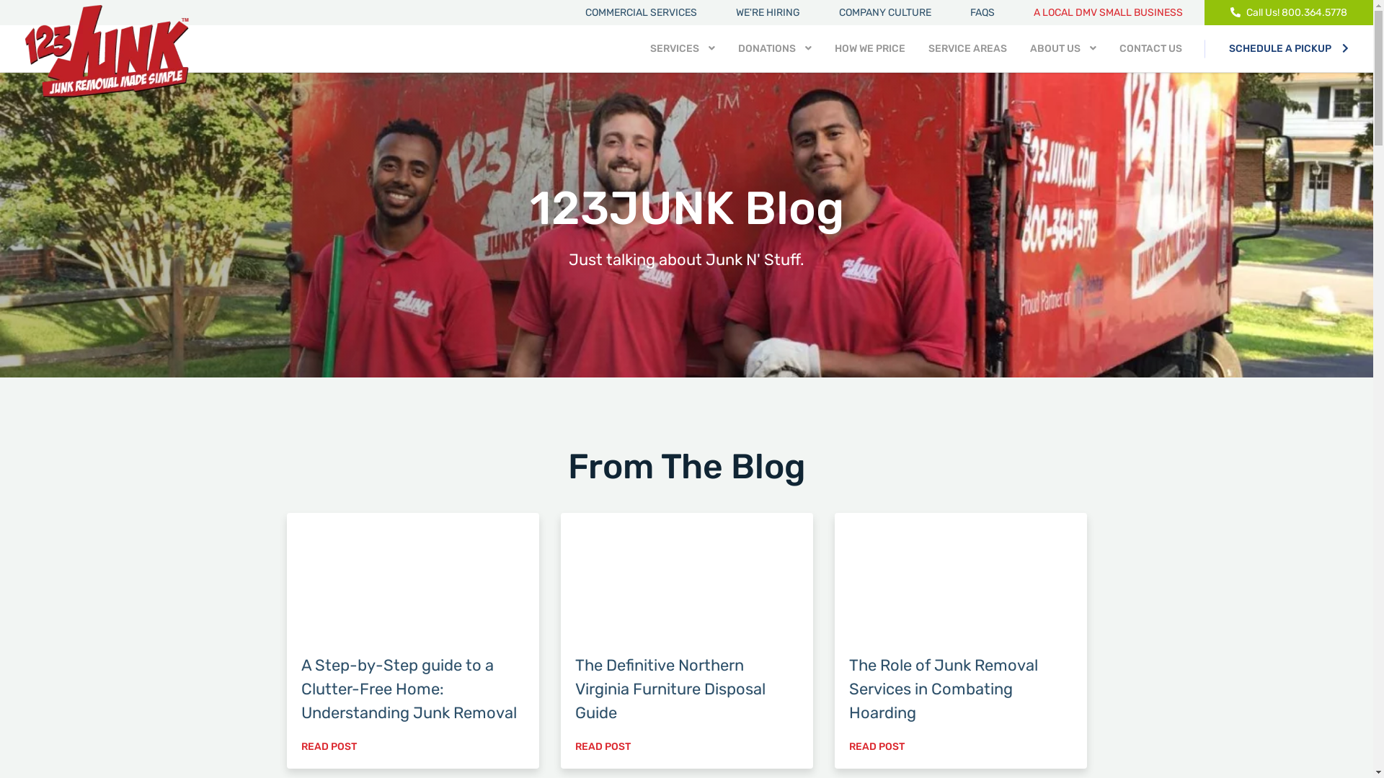  What do you see at coordinates (967, 48) in the screenshot?
I see `'SERVICE AREAS'` at bounding box center [967, 48].